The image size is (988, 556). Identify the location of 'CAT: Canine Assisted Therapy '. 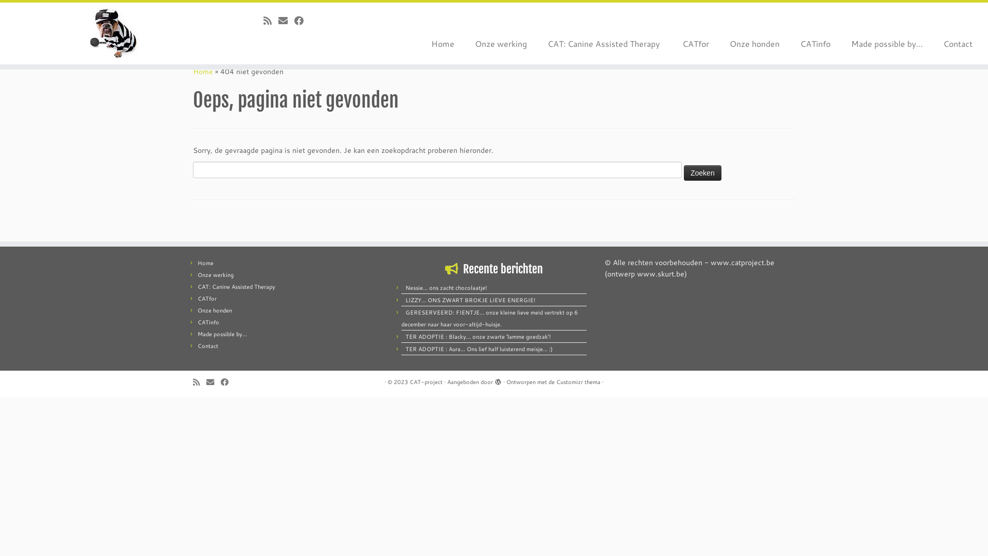
(236, 286).